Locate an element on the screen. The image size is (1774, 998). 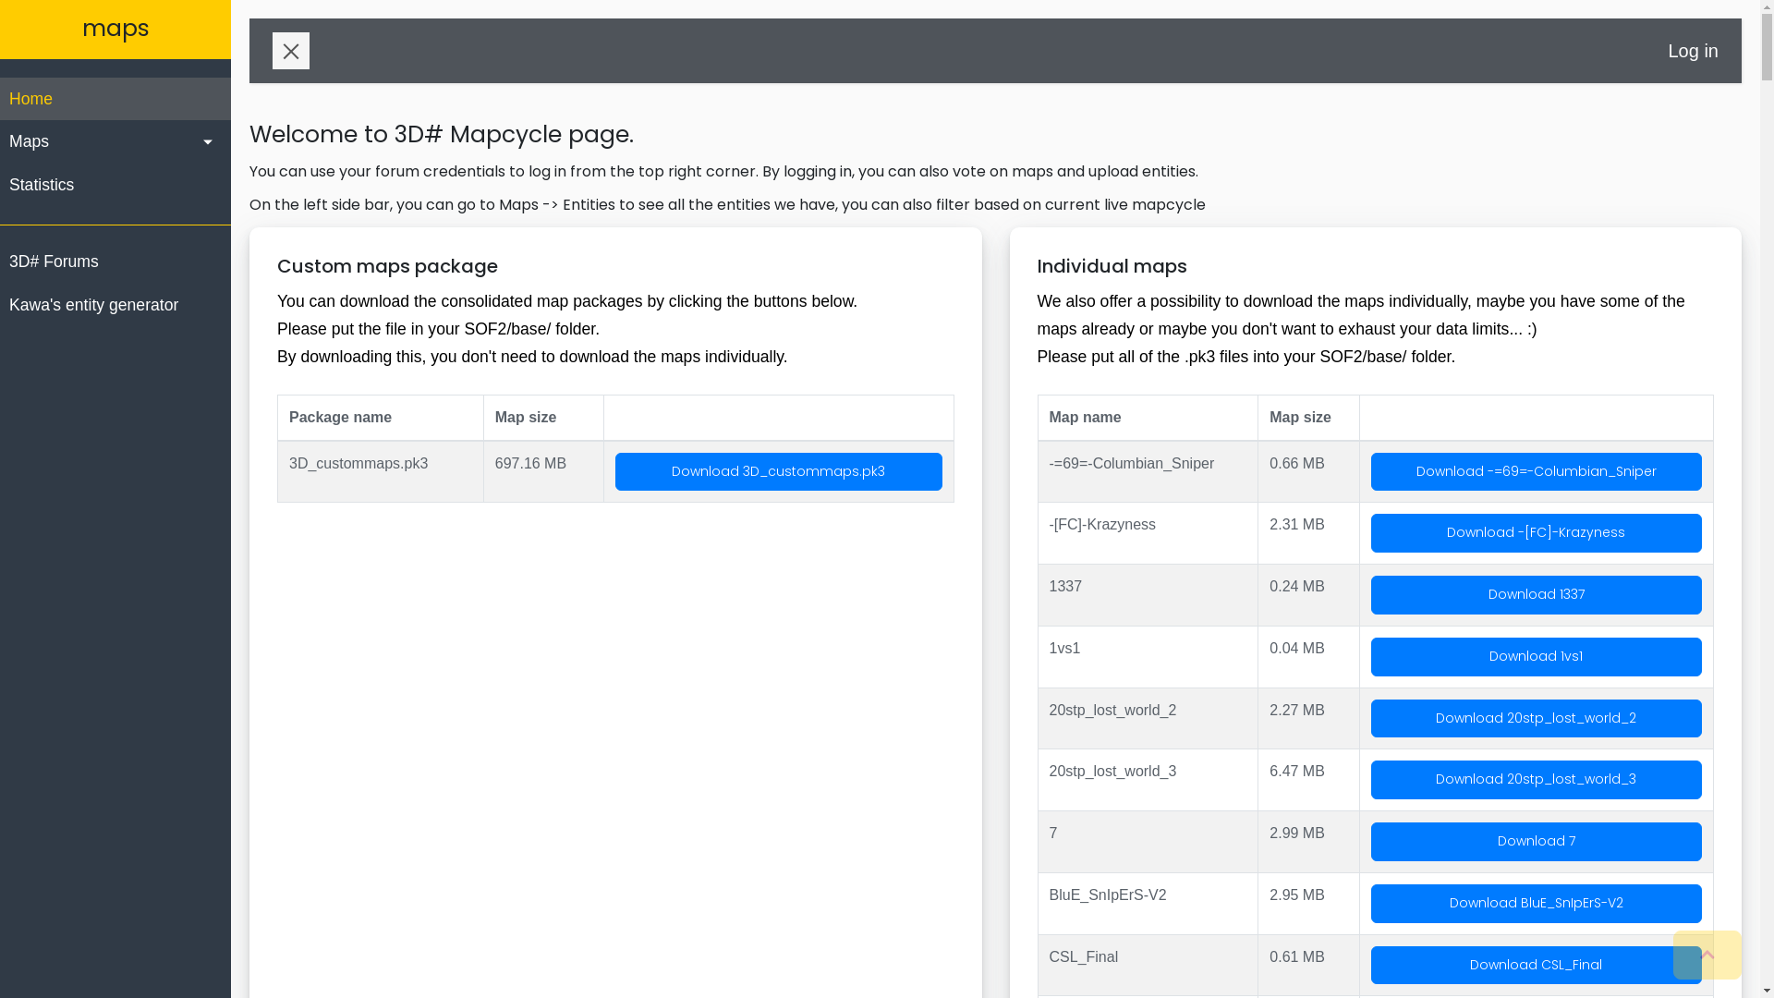
'Statistics' is located at coordinates (114, 185).